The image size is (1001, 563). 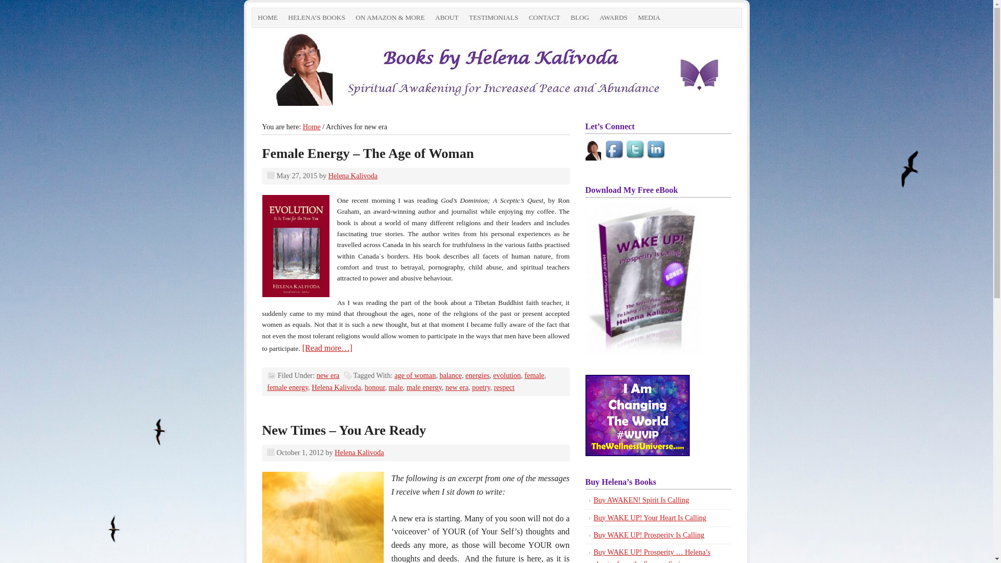 I want to click on 'facebook page', so click(x=585, y=150).